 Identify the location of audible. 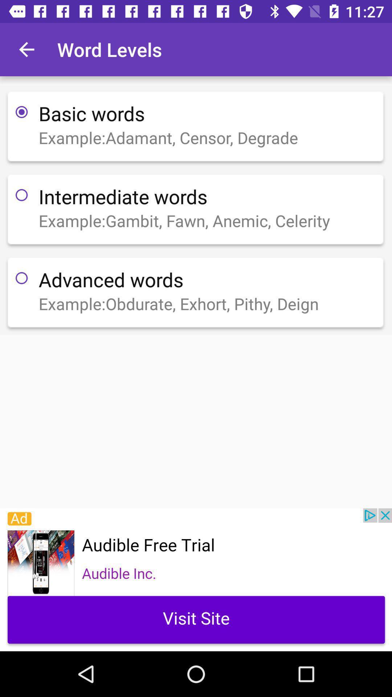
(196, 579).